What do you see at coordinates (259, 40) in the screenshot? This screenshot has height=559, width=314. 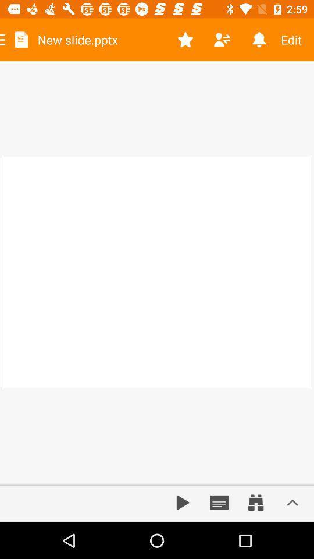 I see `icon to the left of the edit icon` at bounding box center [259, 40].